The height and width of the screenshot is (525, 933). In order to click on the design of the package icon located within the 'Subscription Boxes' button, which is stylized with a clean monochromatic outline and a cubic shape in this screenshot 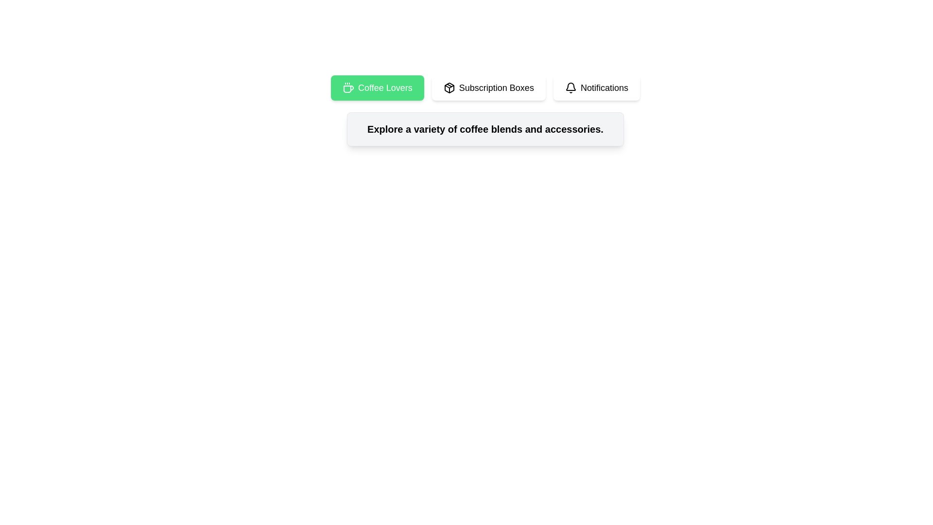, I will do `click(449, 88)`.